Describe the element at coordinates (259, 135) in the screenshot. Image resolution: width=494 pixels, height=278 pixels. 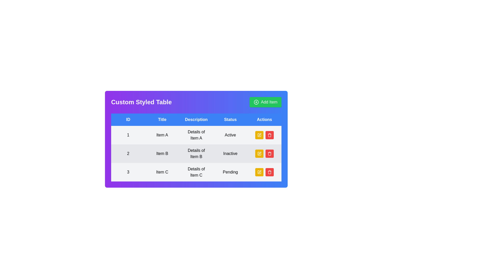
I see `the small, square-shaped button with a yellow background and a pen icon located in the 'Actions' column of the first row of the table` at that location.